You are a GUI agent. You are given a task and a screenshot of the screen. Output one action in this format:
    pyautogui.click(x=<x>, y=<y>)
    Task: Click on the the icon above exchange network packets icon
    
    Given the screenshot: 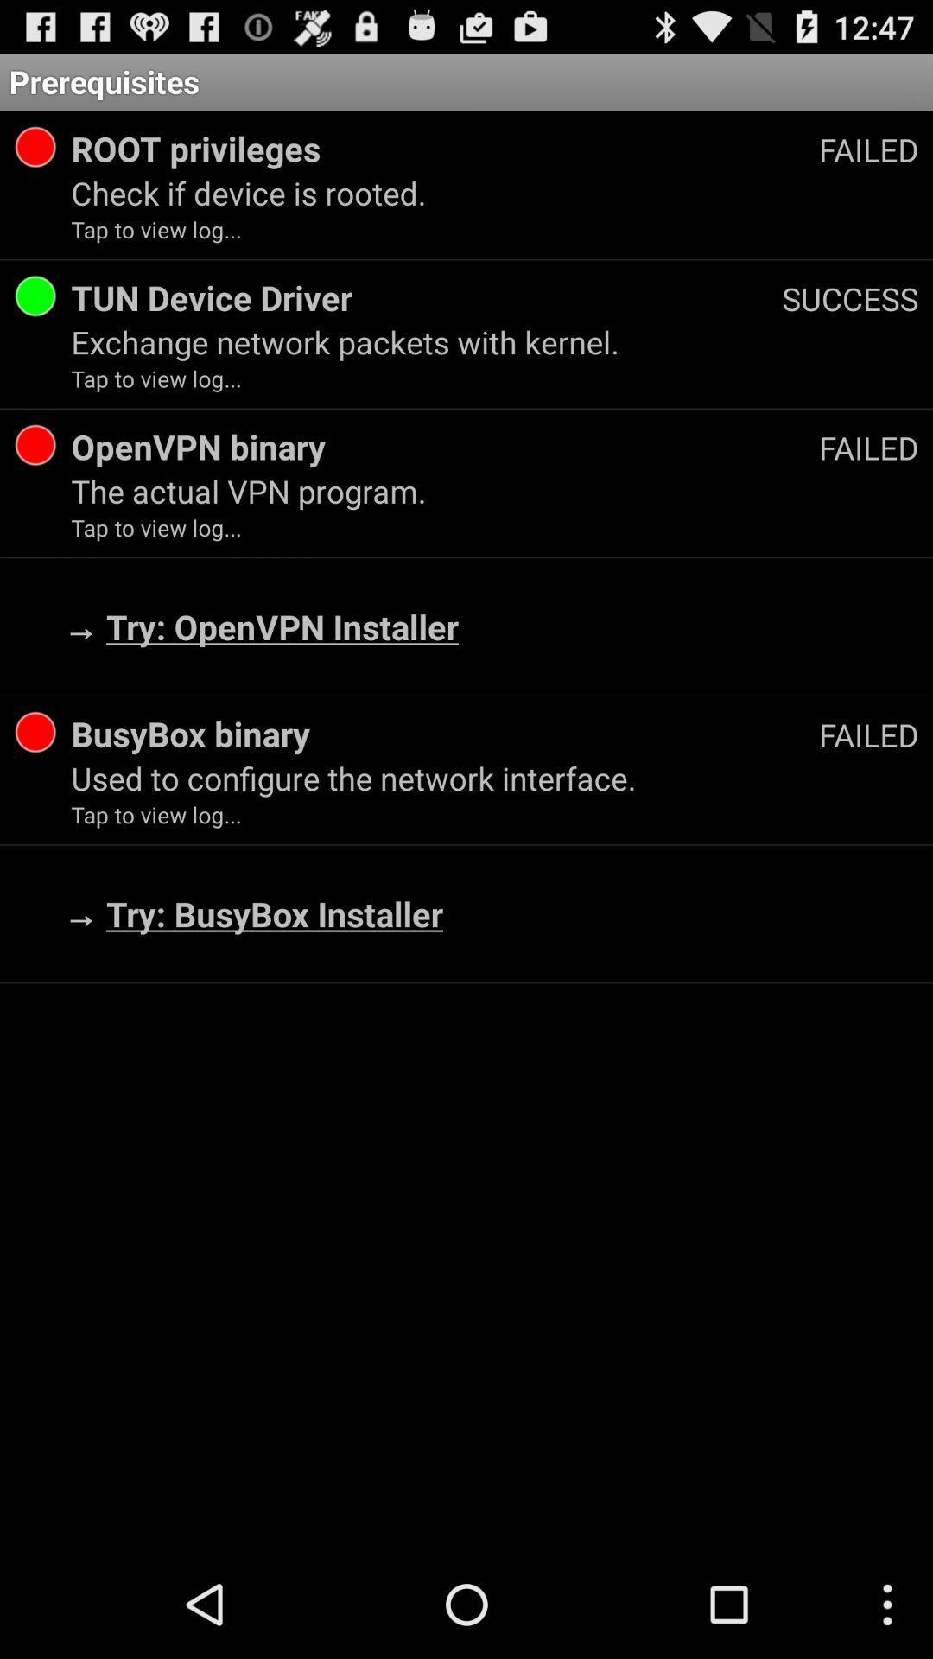 What is the action you would take?
    pyautogui.click(x=849, y=298)
    